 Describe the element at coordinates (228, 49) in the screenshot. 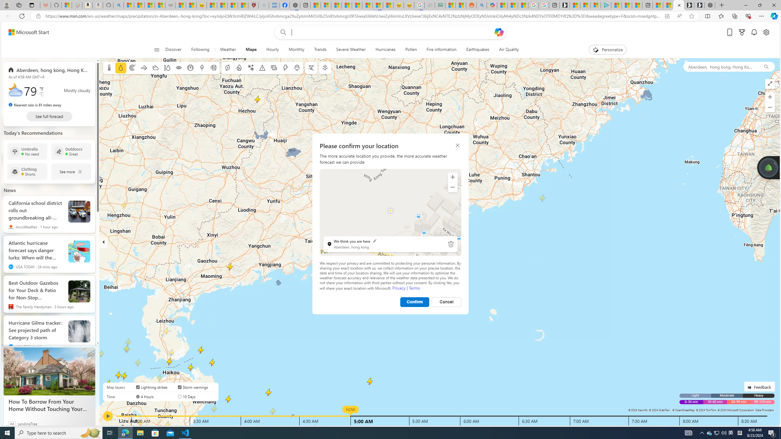

I see `'Weather'` at that location.